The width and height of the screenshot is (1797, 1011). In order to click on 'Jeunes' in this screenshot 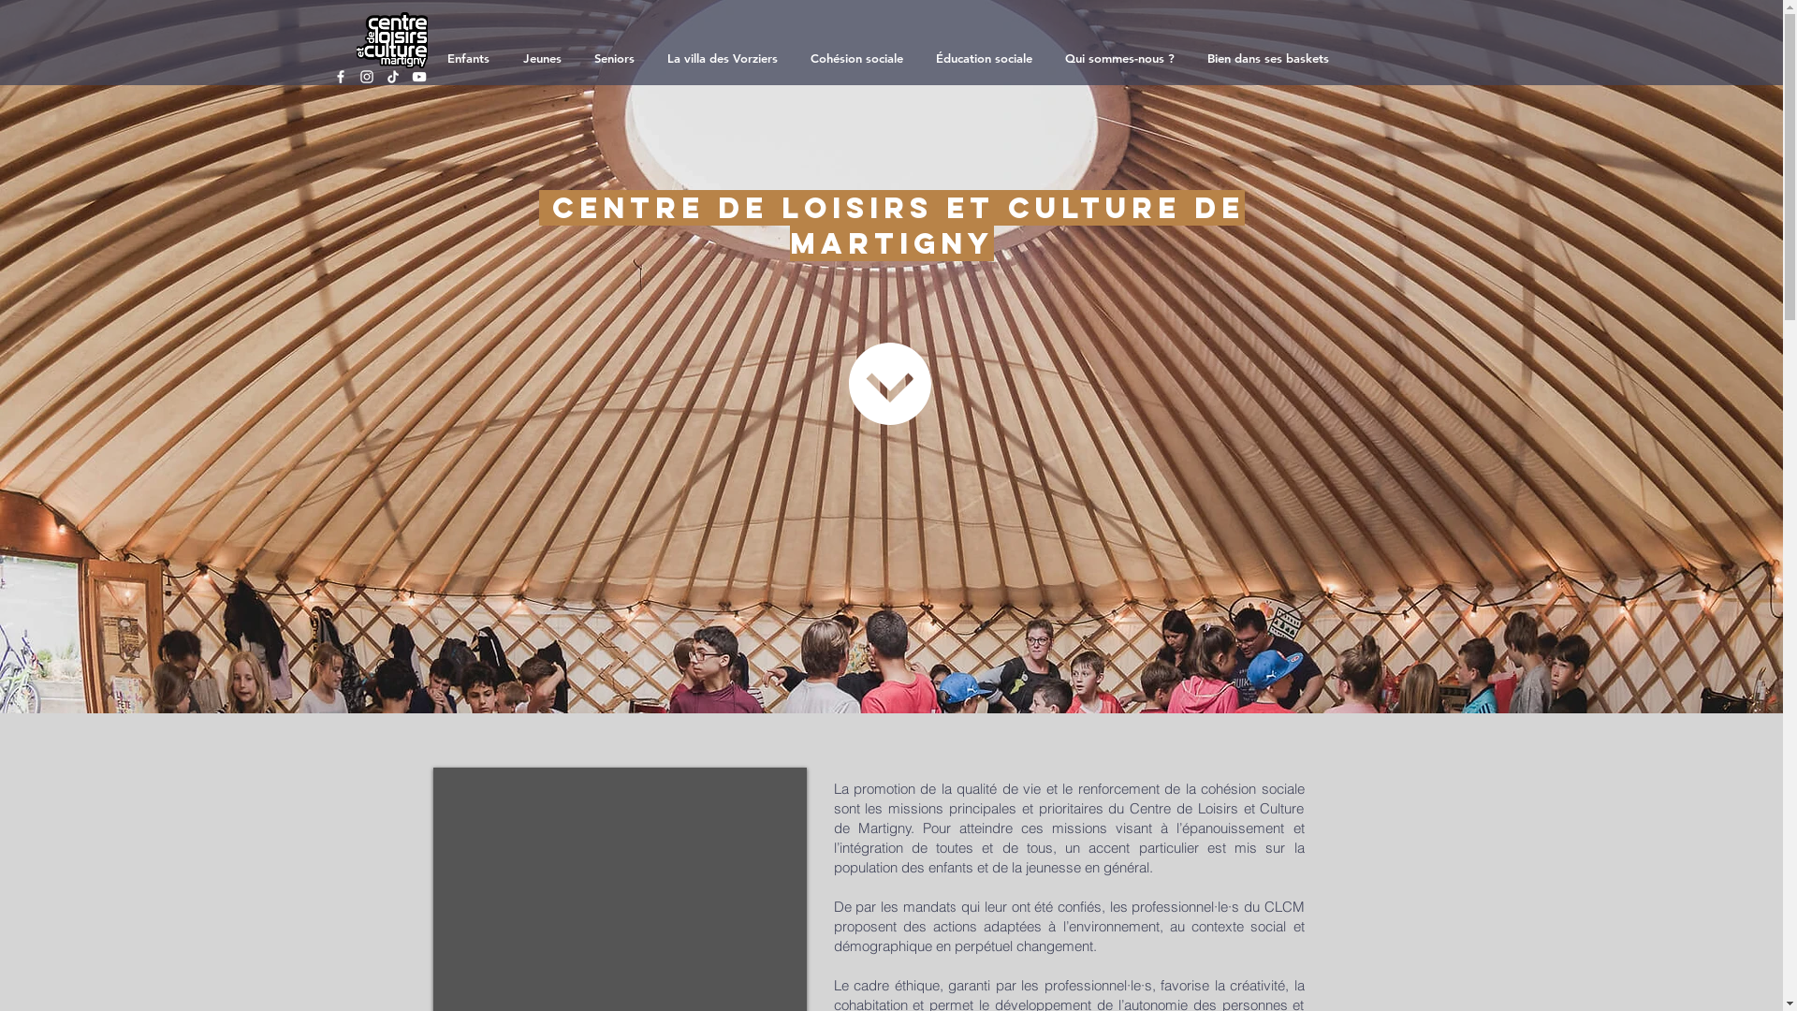, I will do `click(543, 56)`.